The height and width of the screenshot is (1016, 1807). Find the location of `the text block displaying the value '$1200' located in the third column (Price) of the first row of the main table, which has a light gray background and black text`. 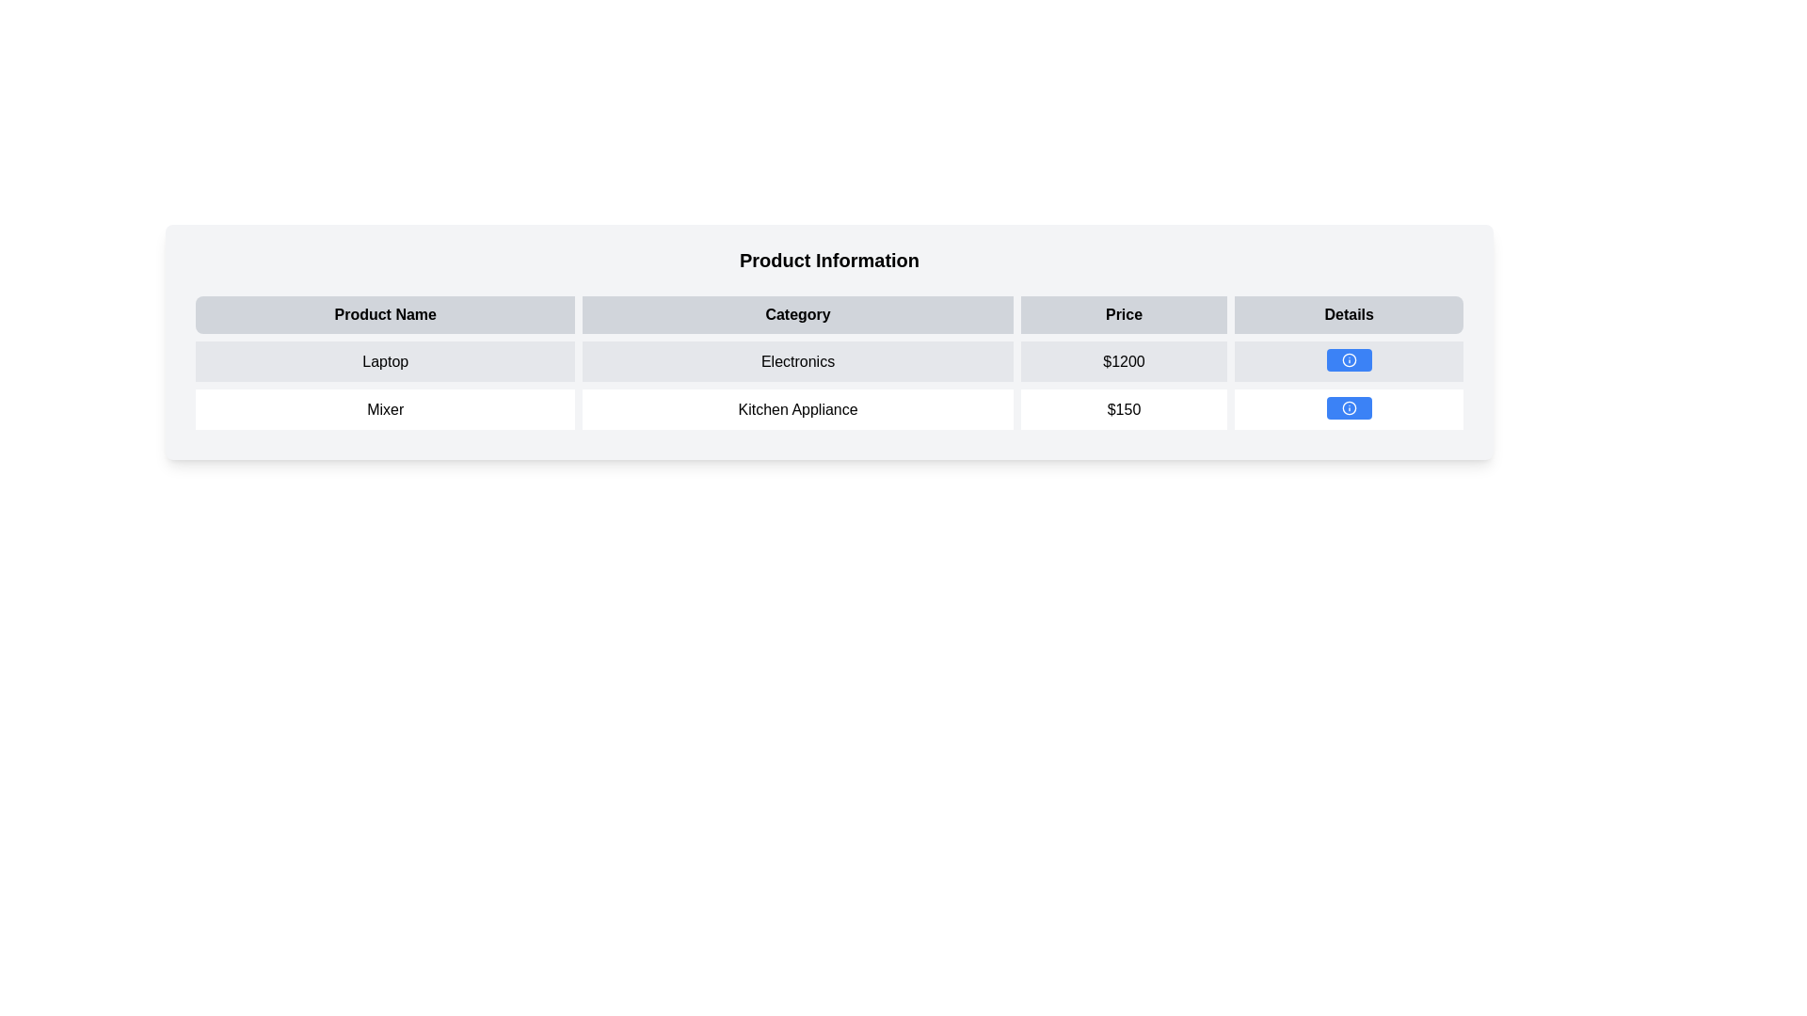

the text block displaying the value '$1200' located in the third column (Price) of the first row of the main table, which has a light gray background and black text is located at coordinates (1124, 361).